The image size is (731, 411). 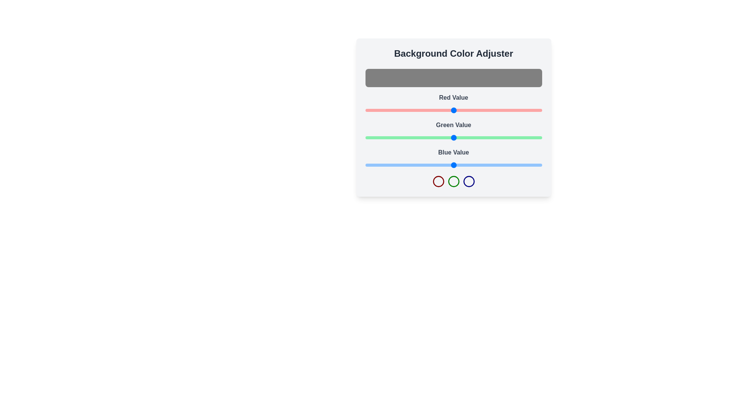 What do you see at coordinates (469, 165) in the screenshot?
I see `the blue slider to set the blue value to 151` at bounding box center [469, 165].